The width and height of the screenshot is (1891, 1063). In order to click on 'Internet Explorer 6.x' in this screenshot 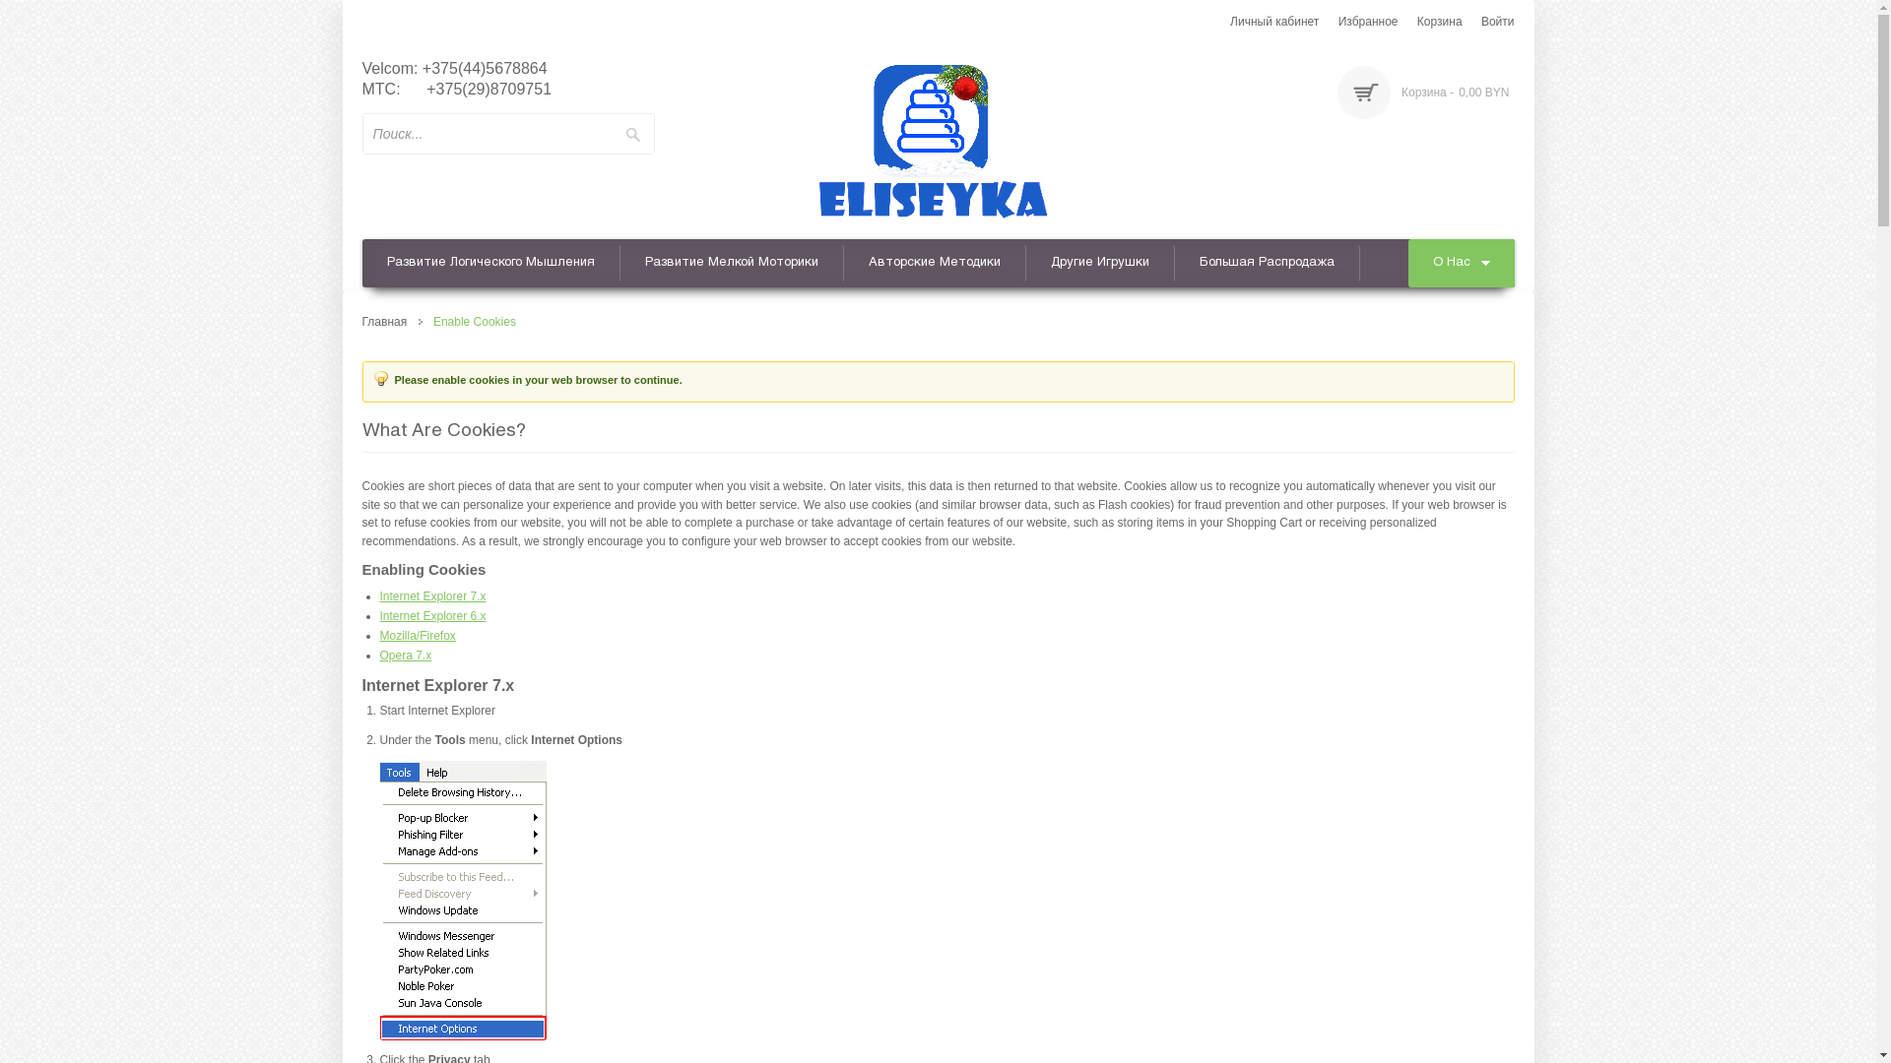, I will do `click(432, 614)`.